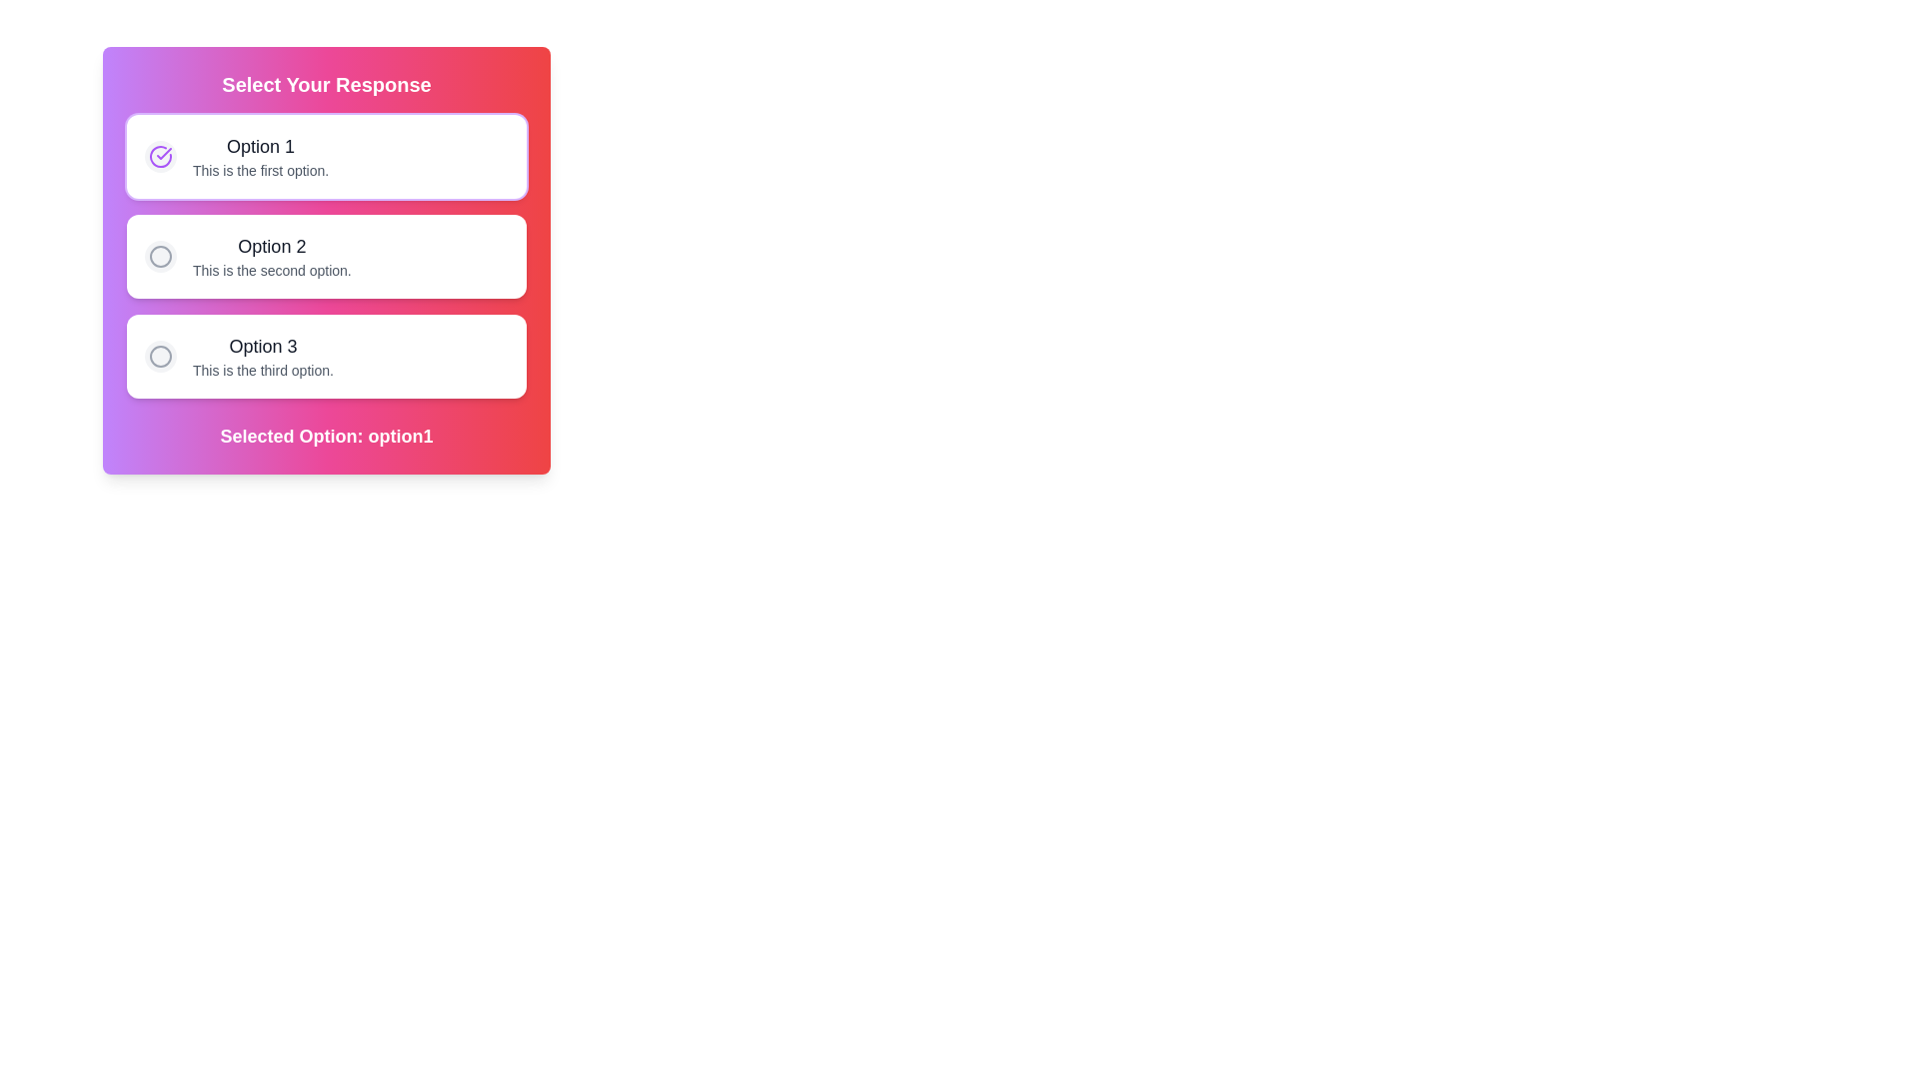  What do you see at coordinates (271, 270) in the screenshot?
I see `the text label that provides additional information related to the 'Option 2' radio button, which is positioned directly below its label text` at bounding box center [271, 270].